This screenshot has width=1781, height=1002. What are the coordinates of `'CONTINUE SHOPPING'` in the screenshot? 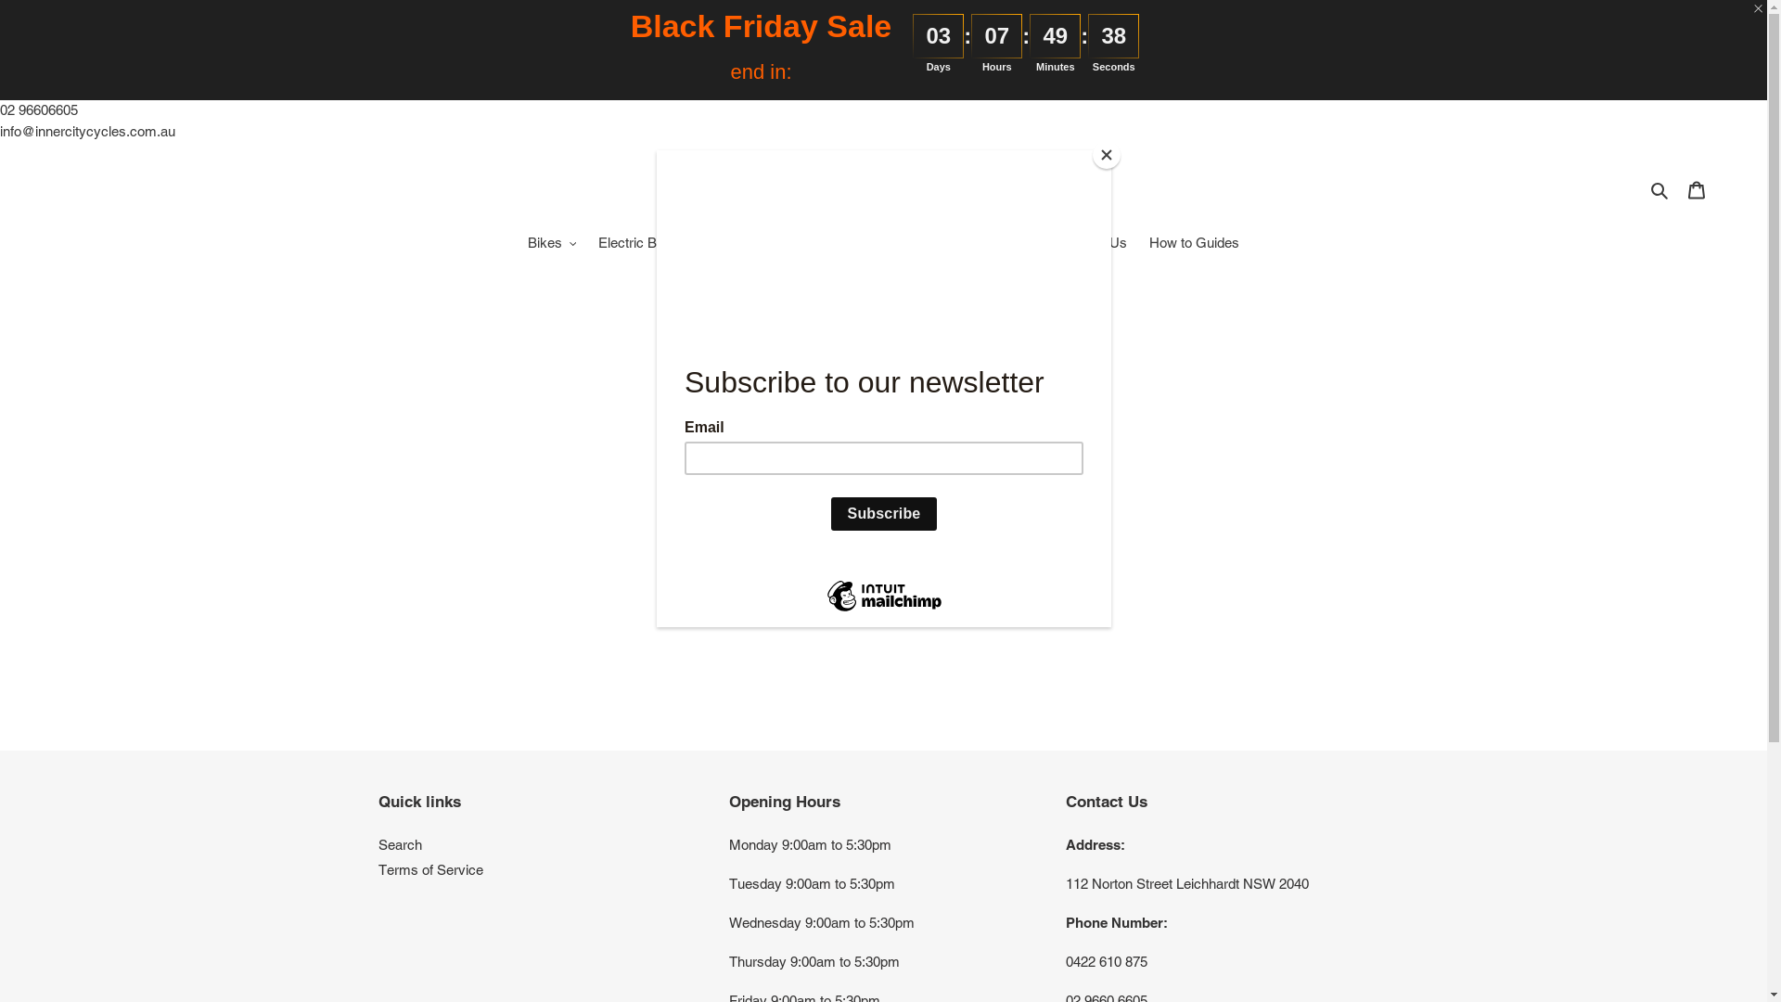 It's located at (779, 564).